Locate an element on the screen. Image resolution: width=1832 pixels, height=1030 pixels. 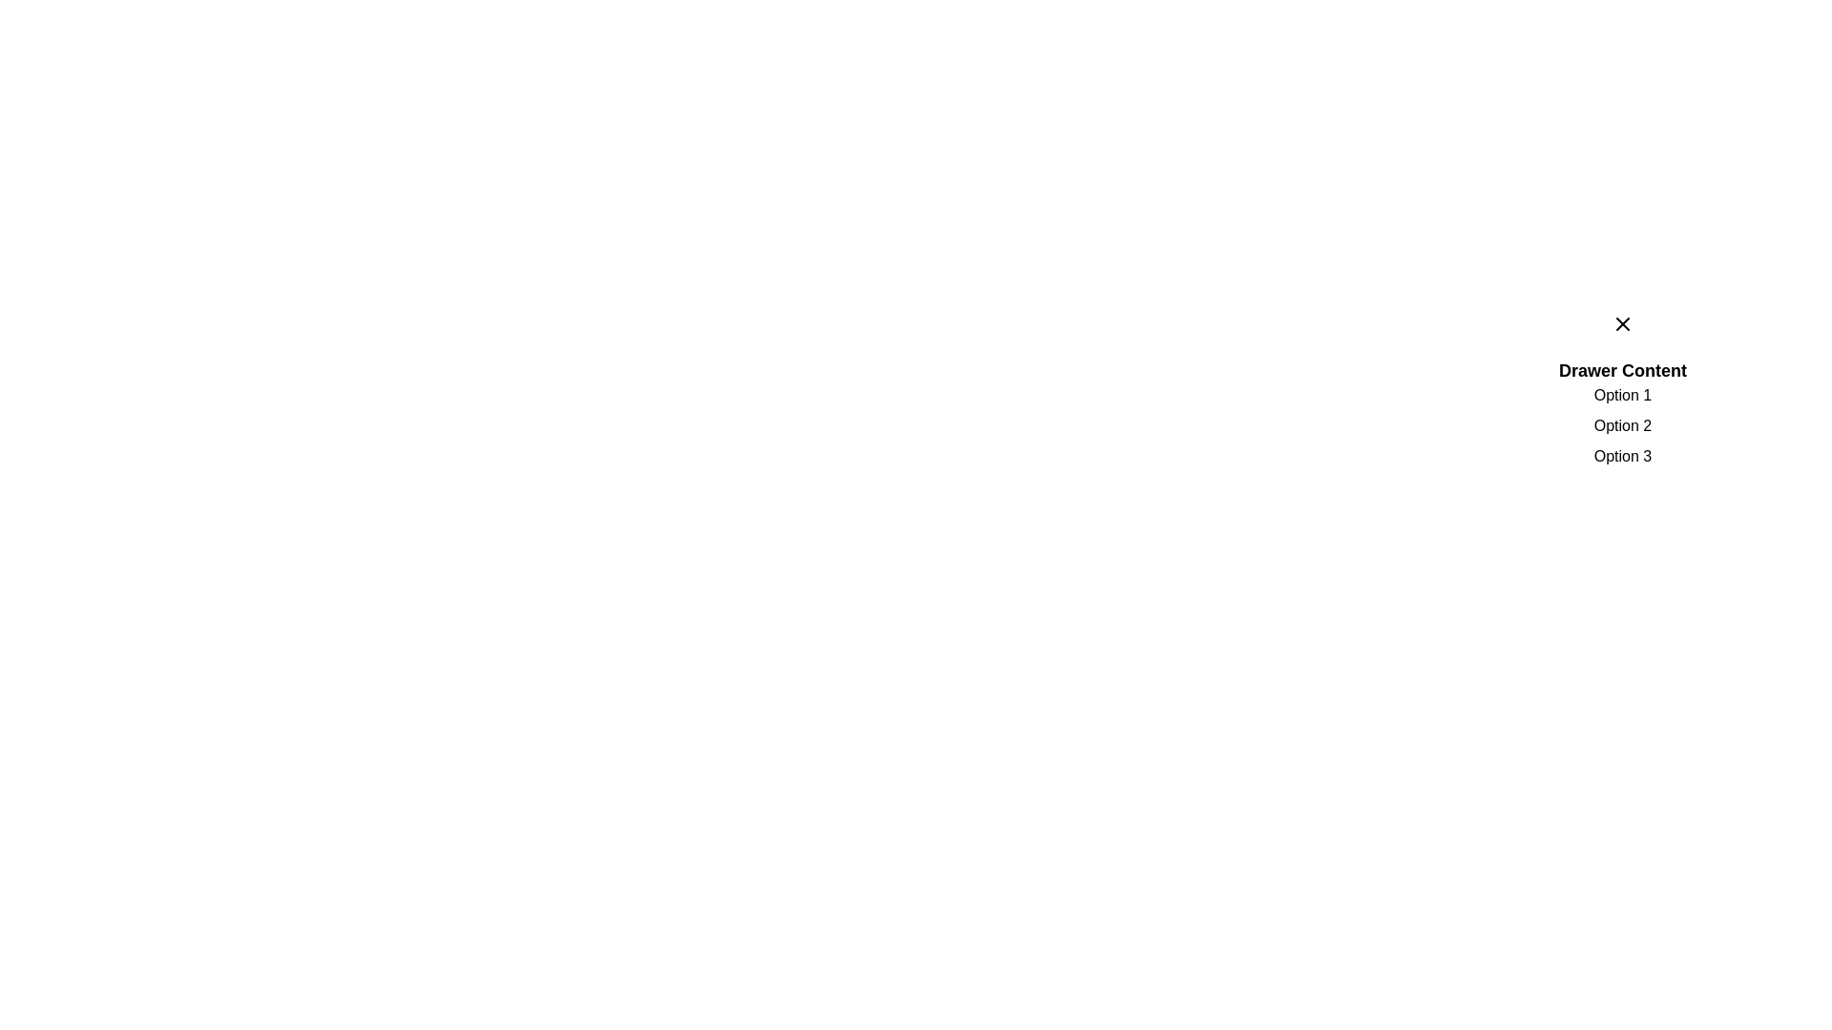
the third button in the vertically arranged list of options in the 'Drawer Content' section is located at coordinates (1621, 456).